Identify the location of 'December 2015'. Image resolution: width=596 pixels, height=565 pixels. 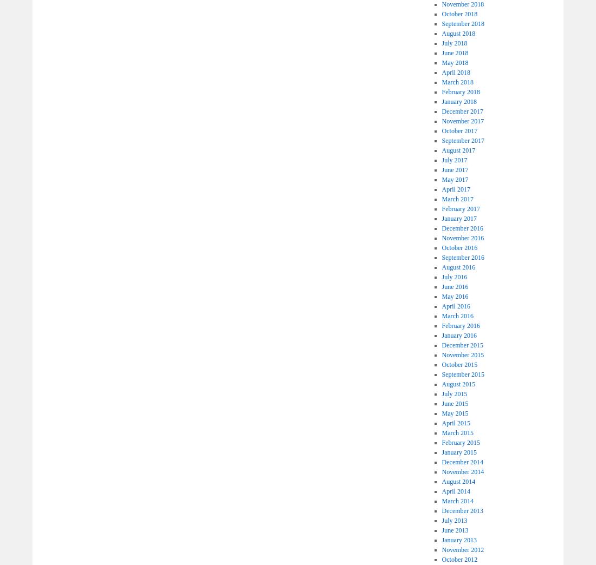
(462, 345).